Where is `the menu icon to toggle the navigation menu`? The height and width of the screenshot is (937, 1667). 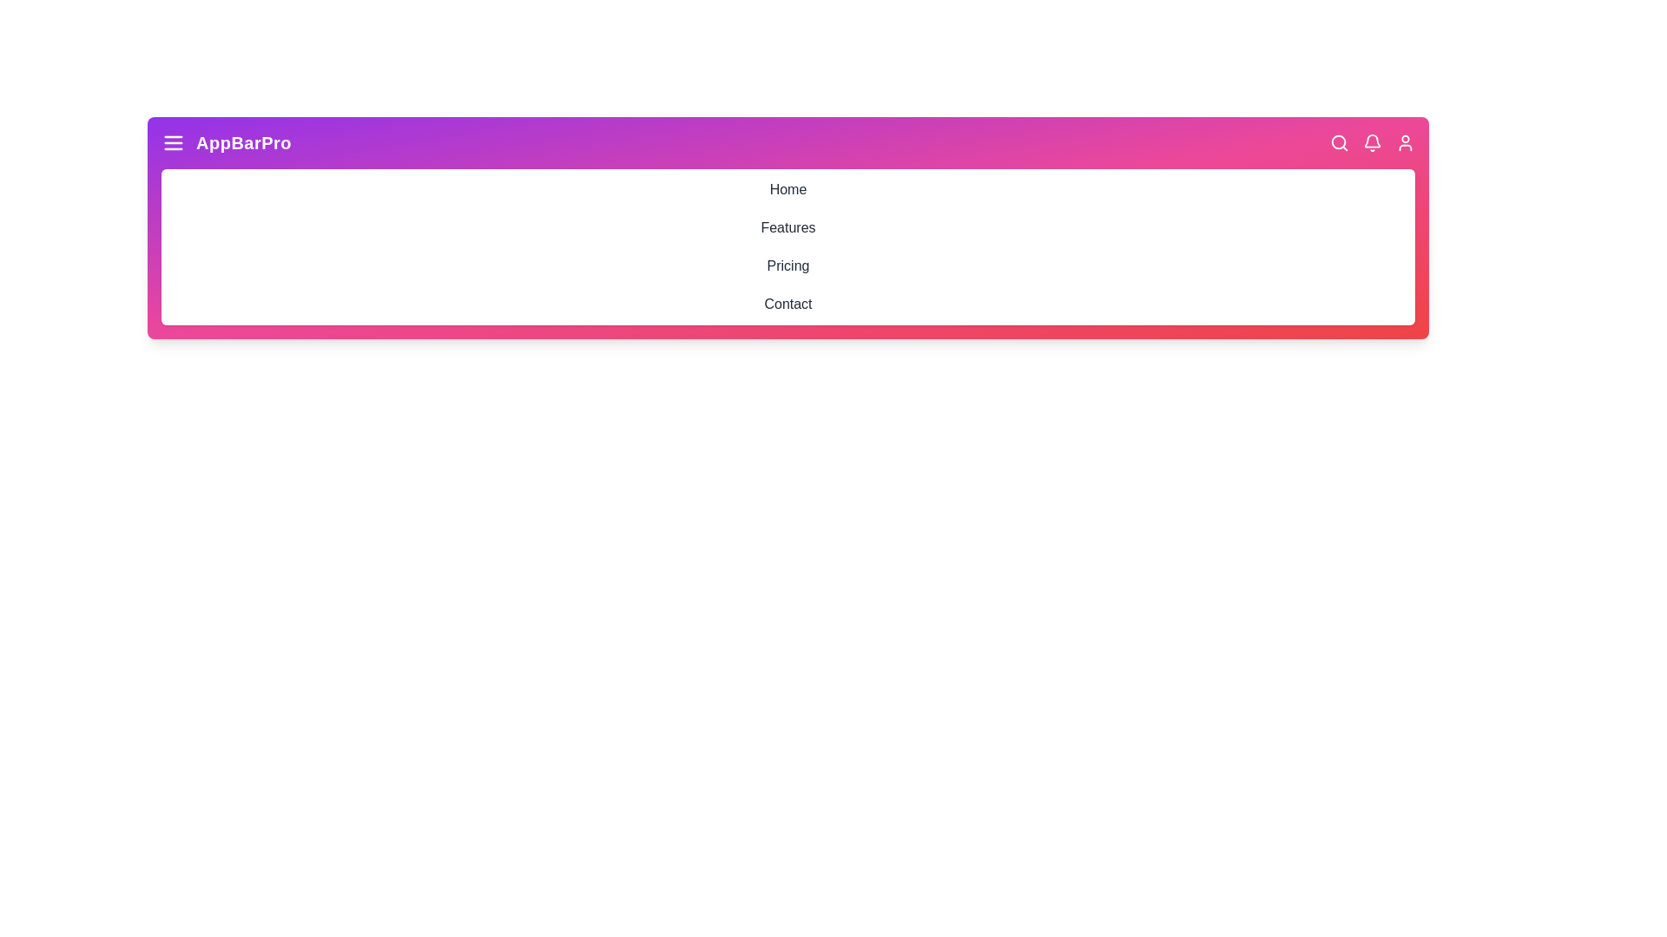 the menu icon to toggle the navigation menu is located at coordinates (174, 142).